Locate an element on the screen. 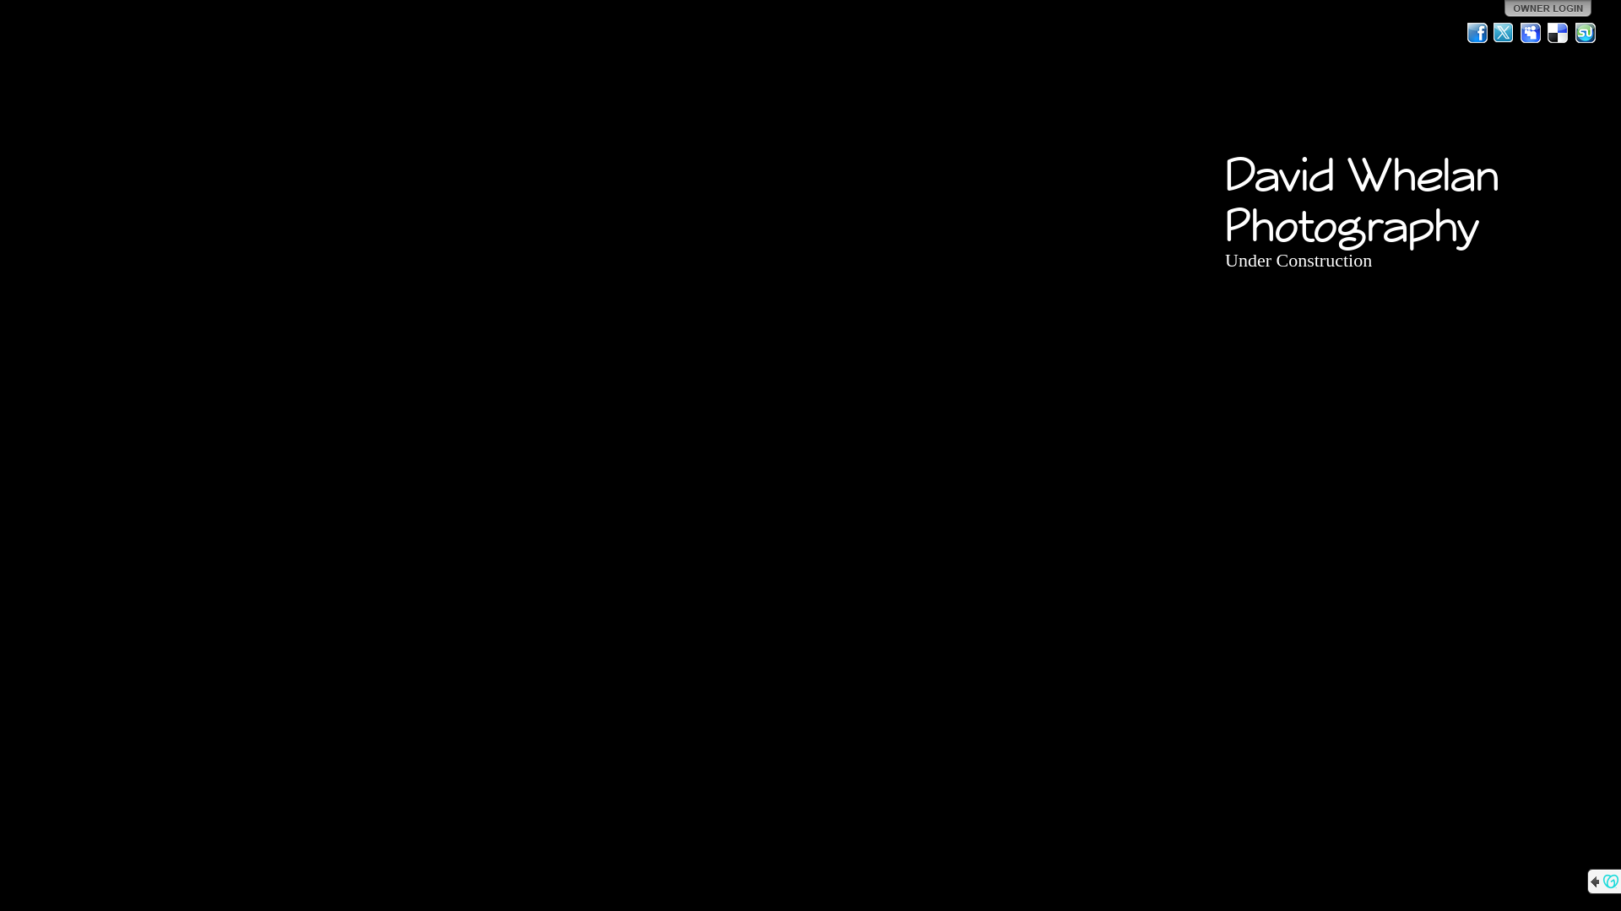 Image resolution: width=1621 pixels, height=911 pixels. 'Twitter' is located at coordinates (1492, 32).